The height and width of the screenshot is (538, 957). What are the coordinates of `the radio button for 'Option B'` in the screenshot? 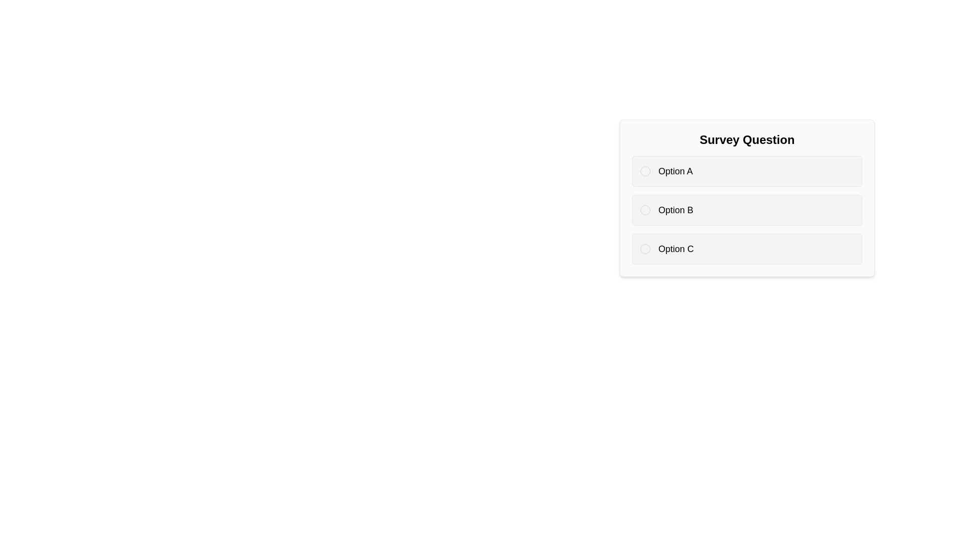 It's located at (645, 209).